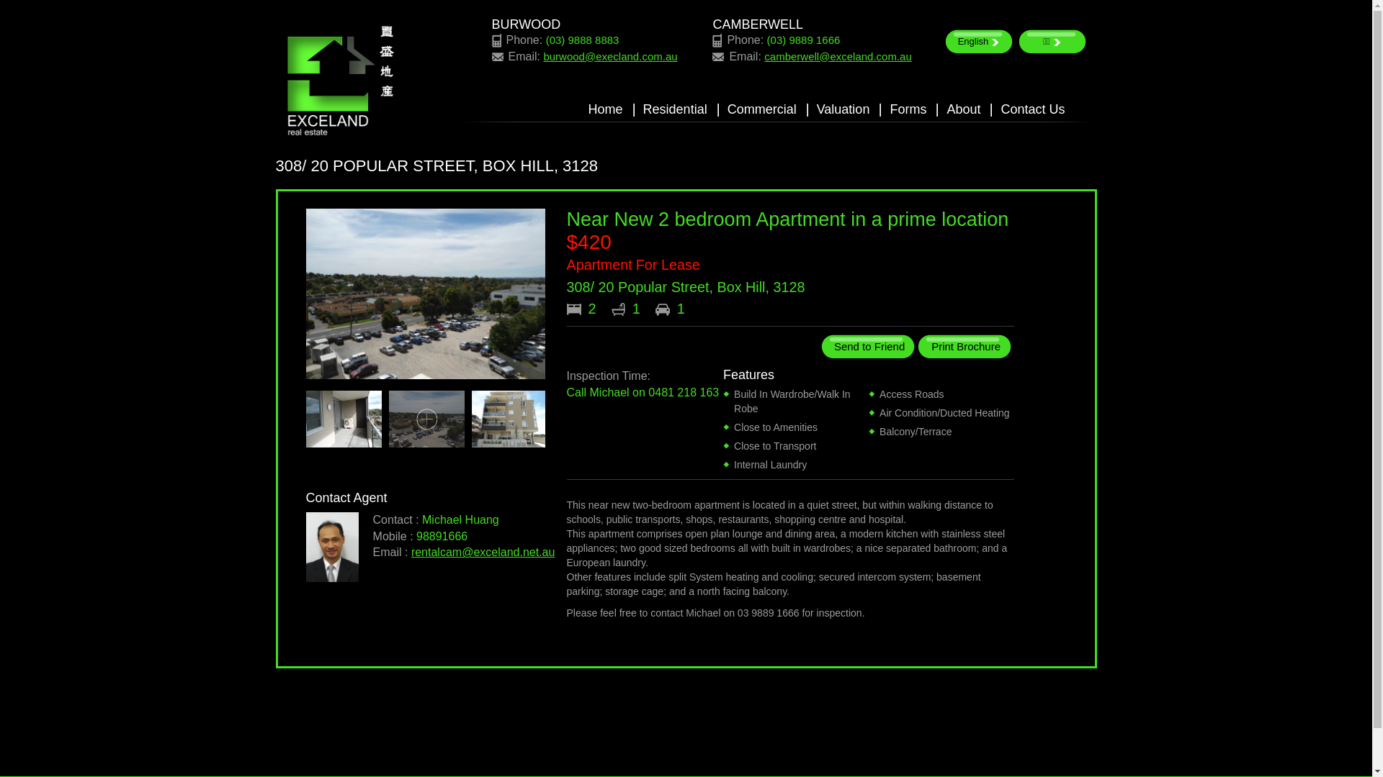 The height and width of the screenshot is (777, 1383). Describe the element at coordinates (483, 551) in the screenshot. I see `'rentalcam@exceland.net.au'` at that location.